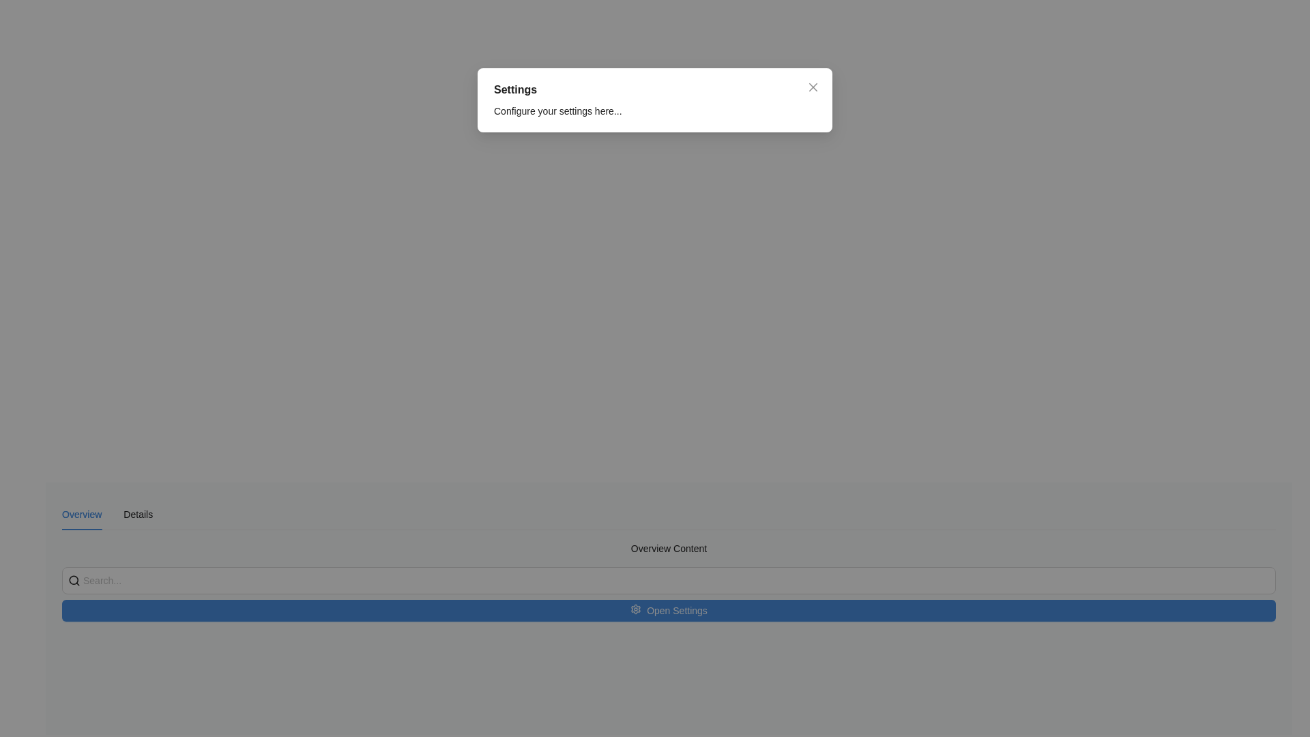  What do you see at coordinates (81, 514) in the screenshot?
I see `the 'Overview' tab located in the top-left section of the tab bar` at bounding box center [81, 514].